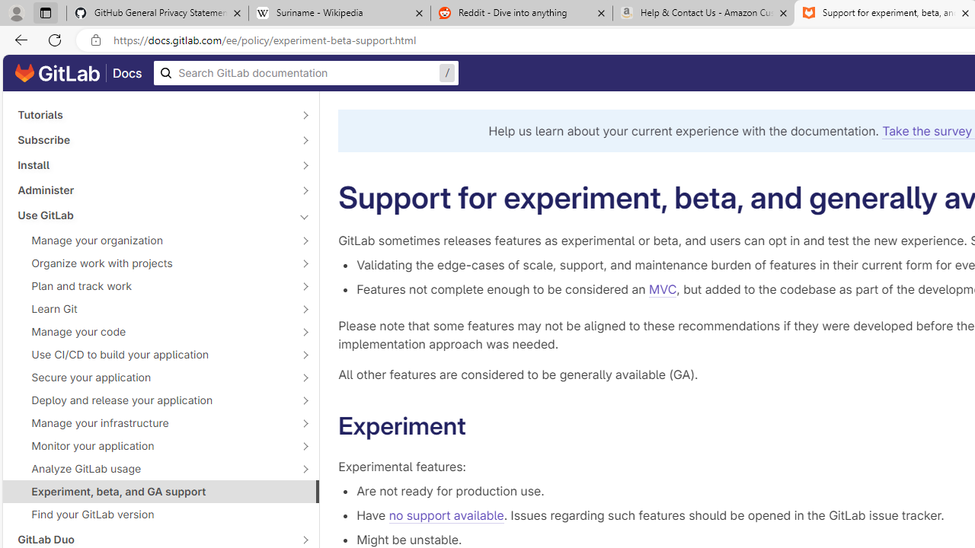 The image size is (975, 548). Describe the element at coordinates (158, 13) in the screenshot. I see `'GitHub General Privacy Statement - GitHub Docs'` at that location.